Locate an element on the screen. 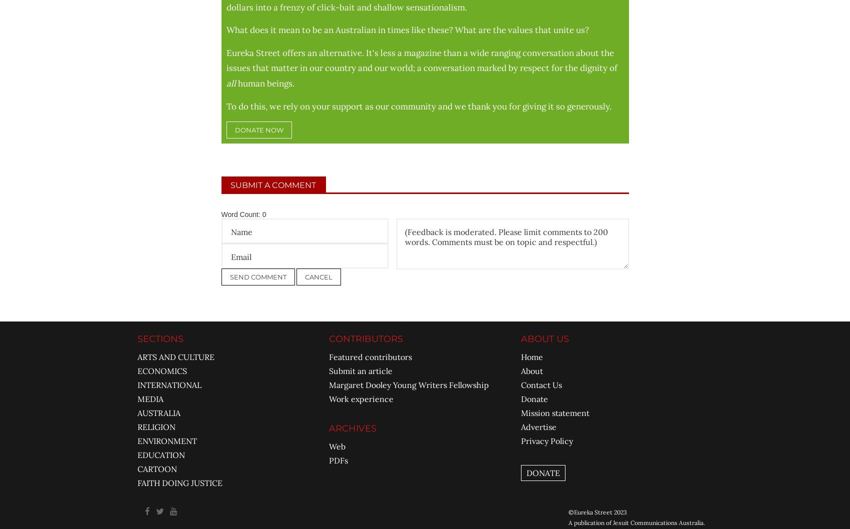 The width and height of the screenshot is (850, 529). 'MEDIA' is located at coordinates (150, 397).